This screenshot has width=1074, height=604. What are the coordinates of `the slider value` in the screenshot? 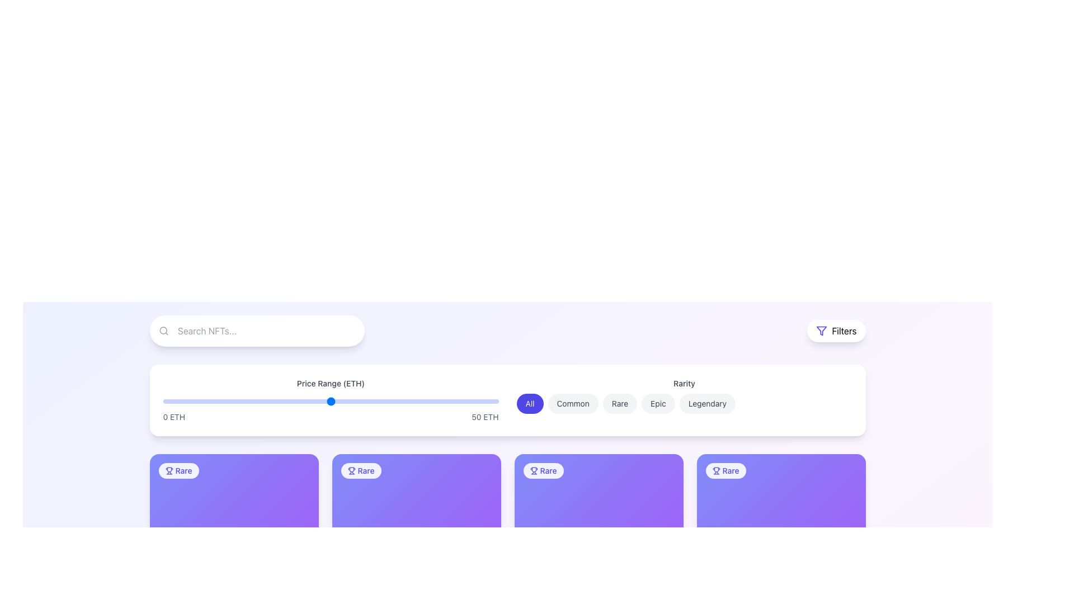 It's located at (223, 400).